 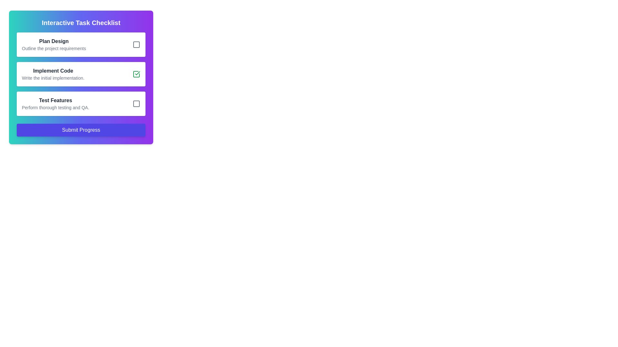 I want to click on the Text display component that shows the task labeled 'Implement Code' with the description 'Write the initial implementation.', so click(x=53, y=74).